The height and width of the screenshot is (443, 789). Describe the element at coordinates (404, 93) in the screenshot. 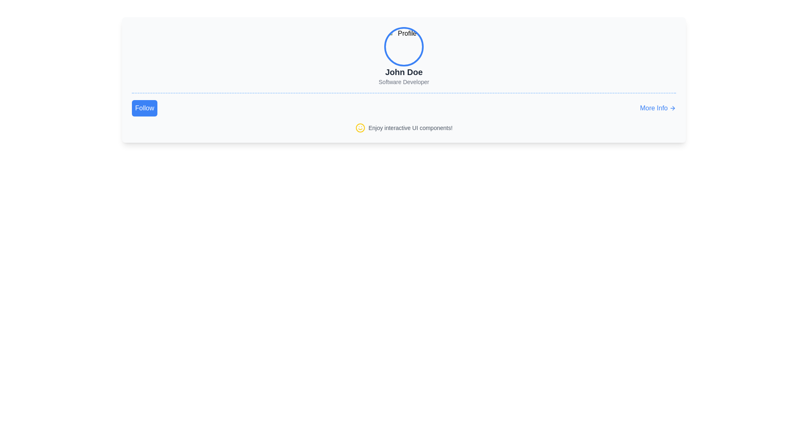

I see `the Divider element located underneath the 'Software Developer' text and above the 'Follow' and 'More Info' button row` at that location.